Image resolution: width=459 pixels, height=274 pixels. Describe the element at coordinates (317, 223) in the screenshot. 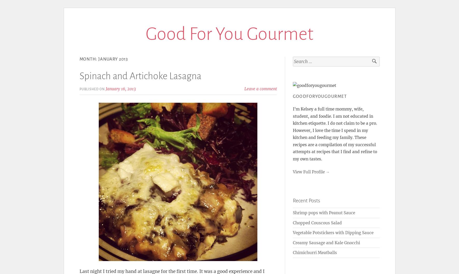

I see `'Chopped Couscous Salad'` at that location.